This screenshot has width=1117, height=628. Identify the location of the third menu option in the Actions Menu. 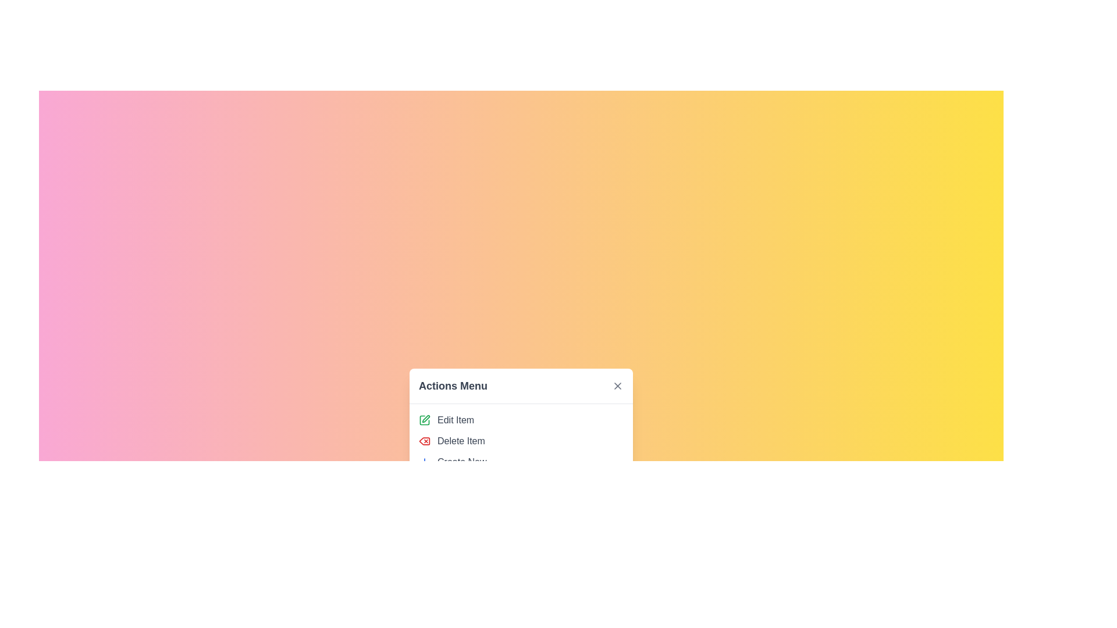
(521, 461).